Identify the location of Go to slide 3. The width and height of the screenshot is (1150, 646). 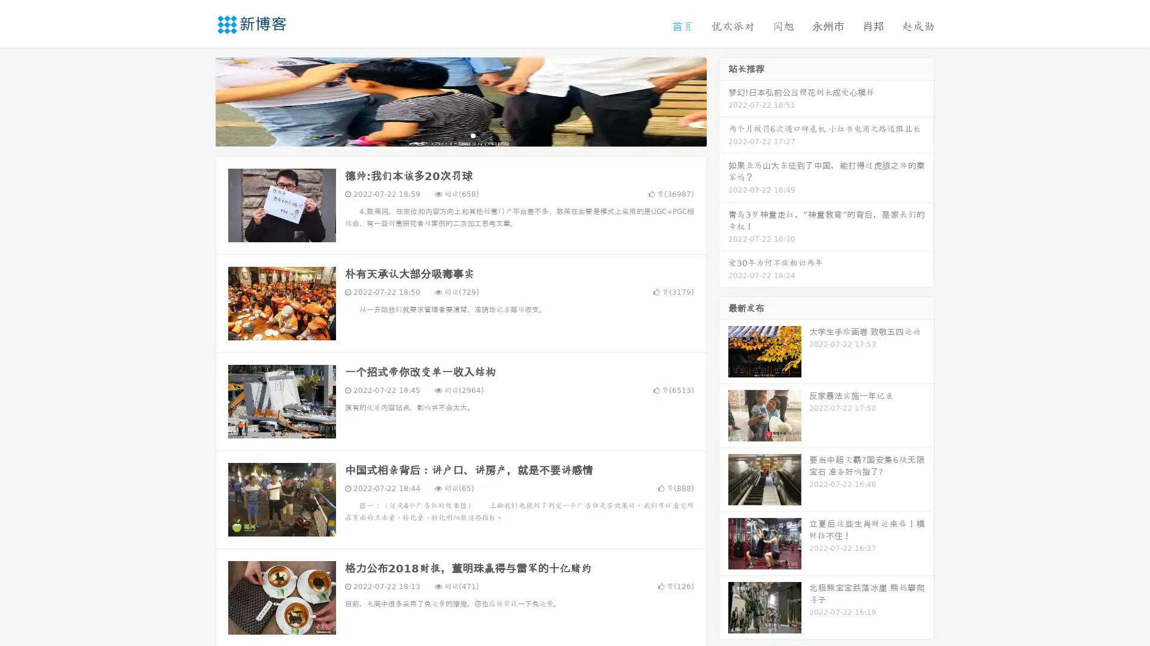
(473, 135).